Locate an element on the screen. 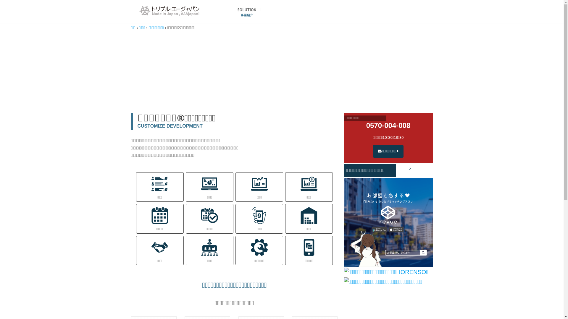  '0570-004-008' is located at coordinates (388, 125).